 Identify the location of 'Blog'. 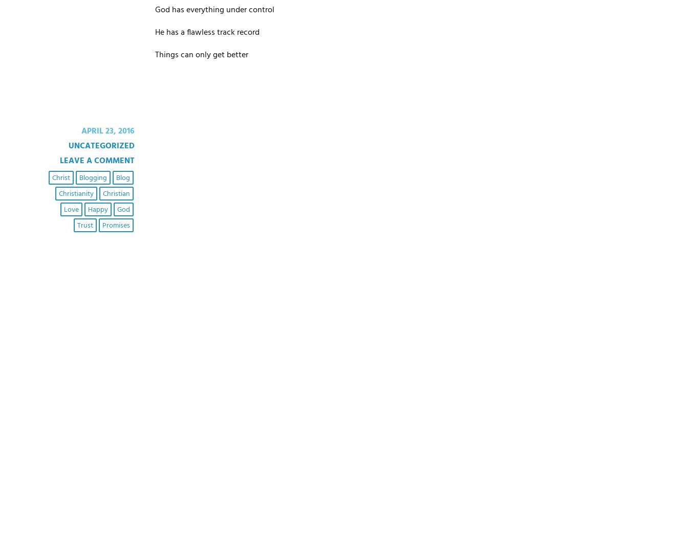
(122, 177).